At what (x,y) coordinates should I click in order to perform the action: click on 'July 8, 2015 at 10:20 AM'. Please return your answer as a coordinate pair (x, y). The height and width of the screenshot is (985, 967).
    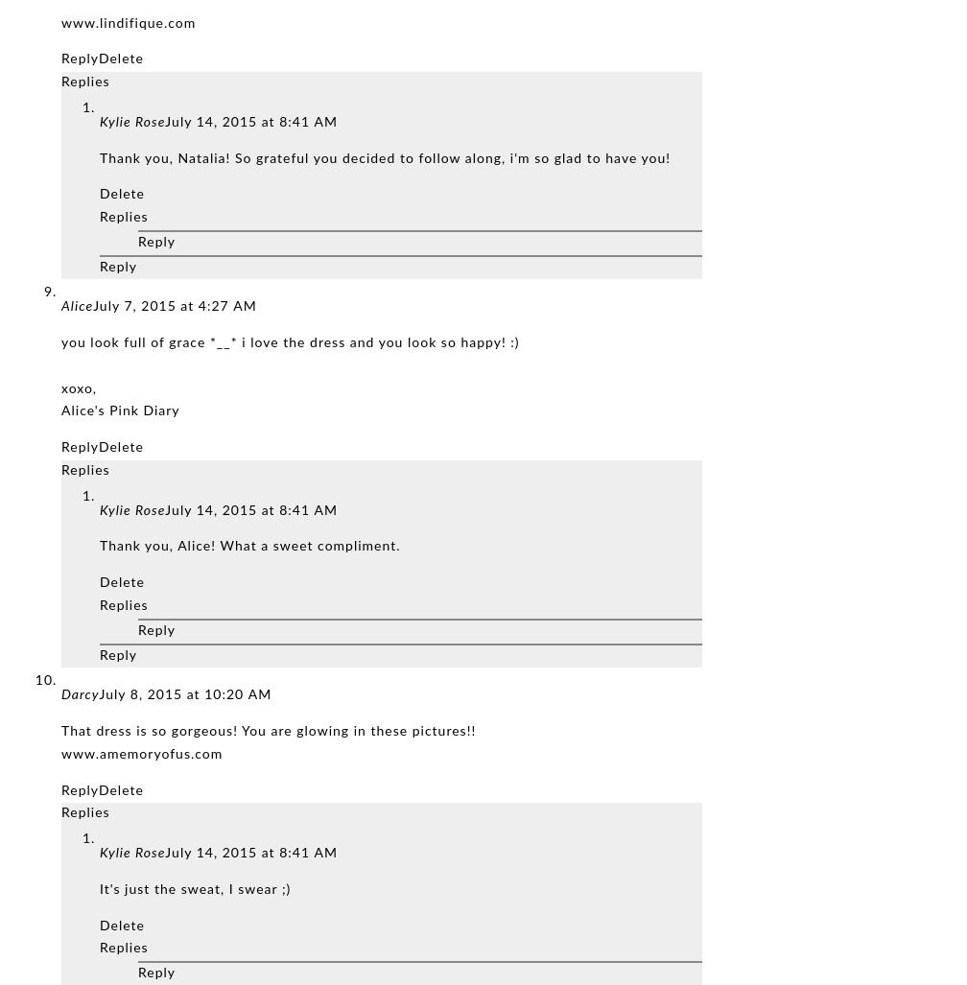
    Looking at the image, I should click on (185, 694).